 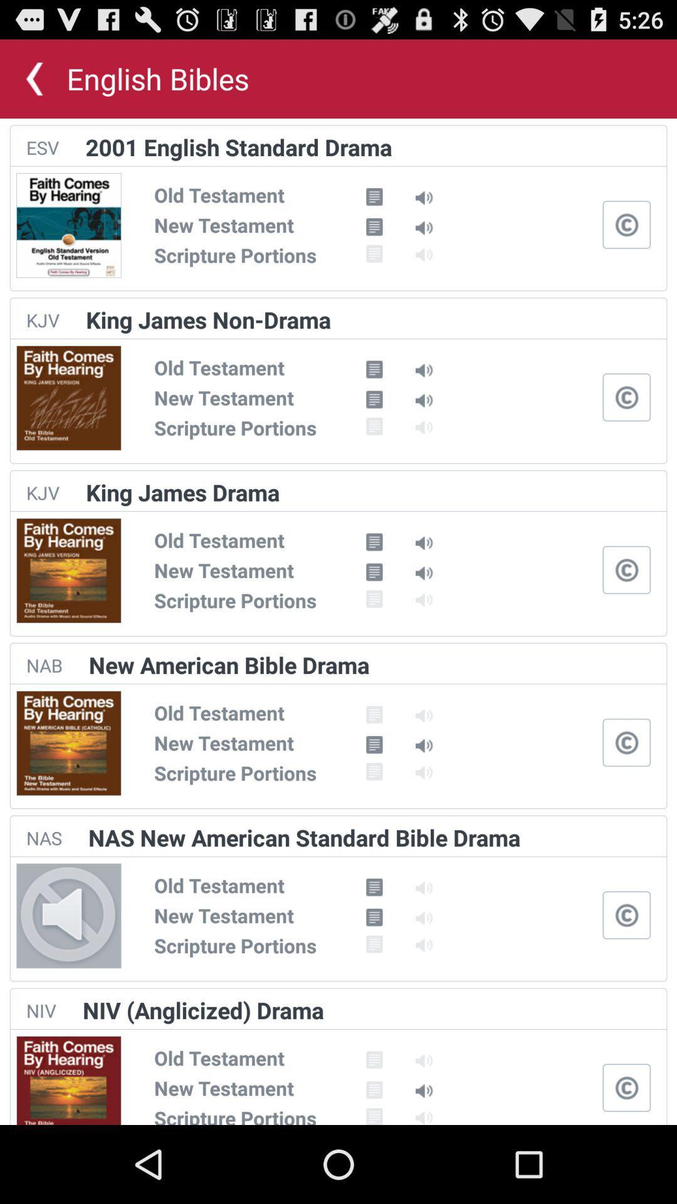 I want to click on the esv app, so click(x=42, y=147).